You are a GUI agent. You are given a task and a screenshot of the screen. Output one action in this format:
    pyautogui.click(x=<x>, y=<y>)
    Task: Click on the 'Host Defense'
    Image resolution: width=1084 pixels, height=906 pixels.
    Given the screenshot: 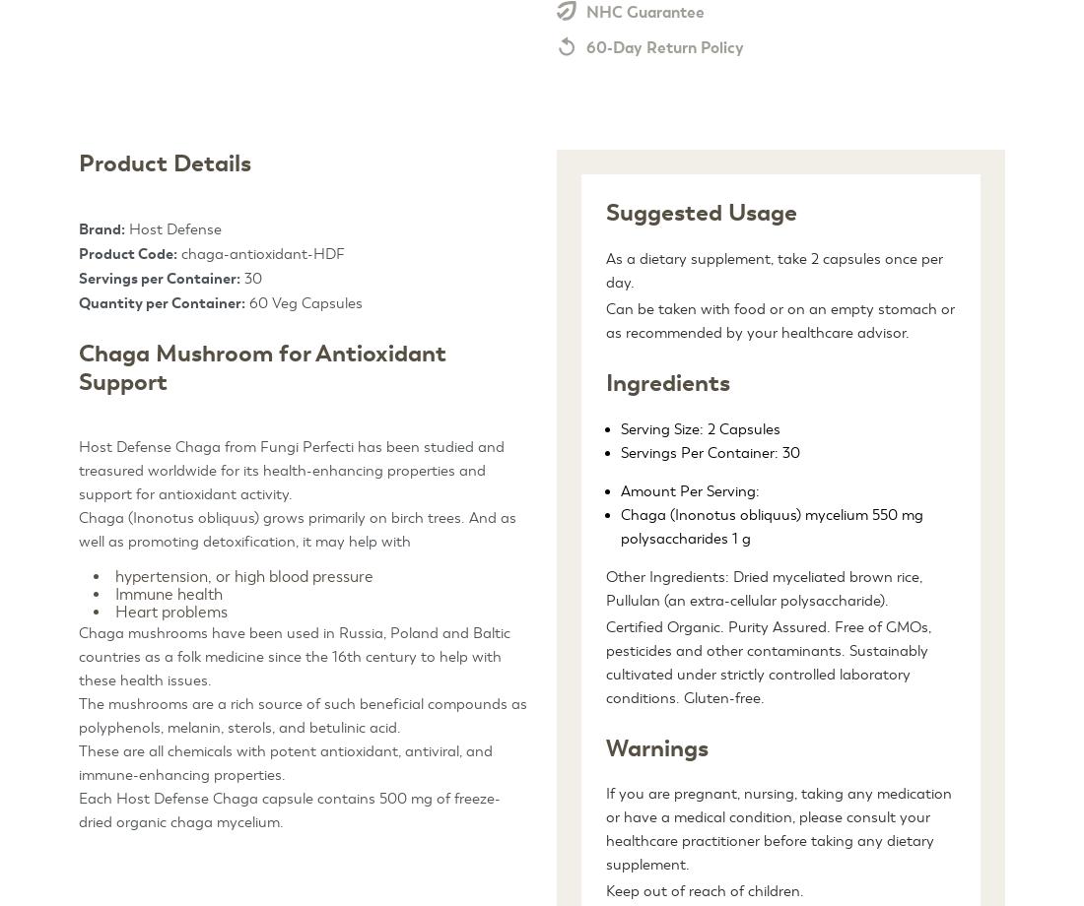 What is the action you would take?
    pyautogui.click(x=172, y=228)
    